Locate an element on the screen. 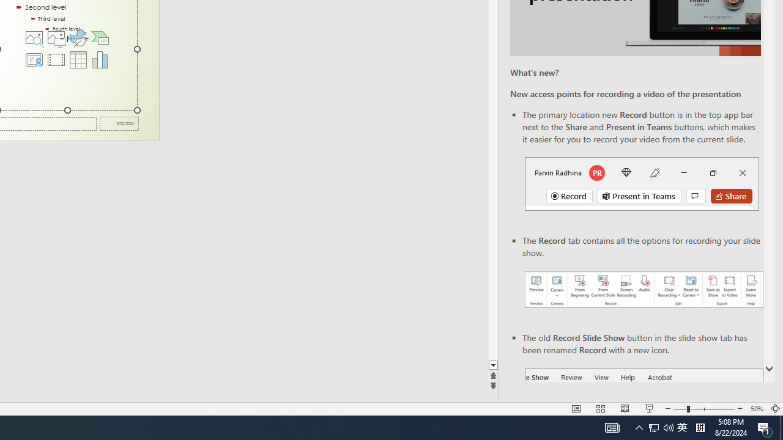 This screenshot has height=440, width=783. 'Insert Table' is located at coordinates (78, 59).